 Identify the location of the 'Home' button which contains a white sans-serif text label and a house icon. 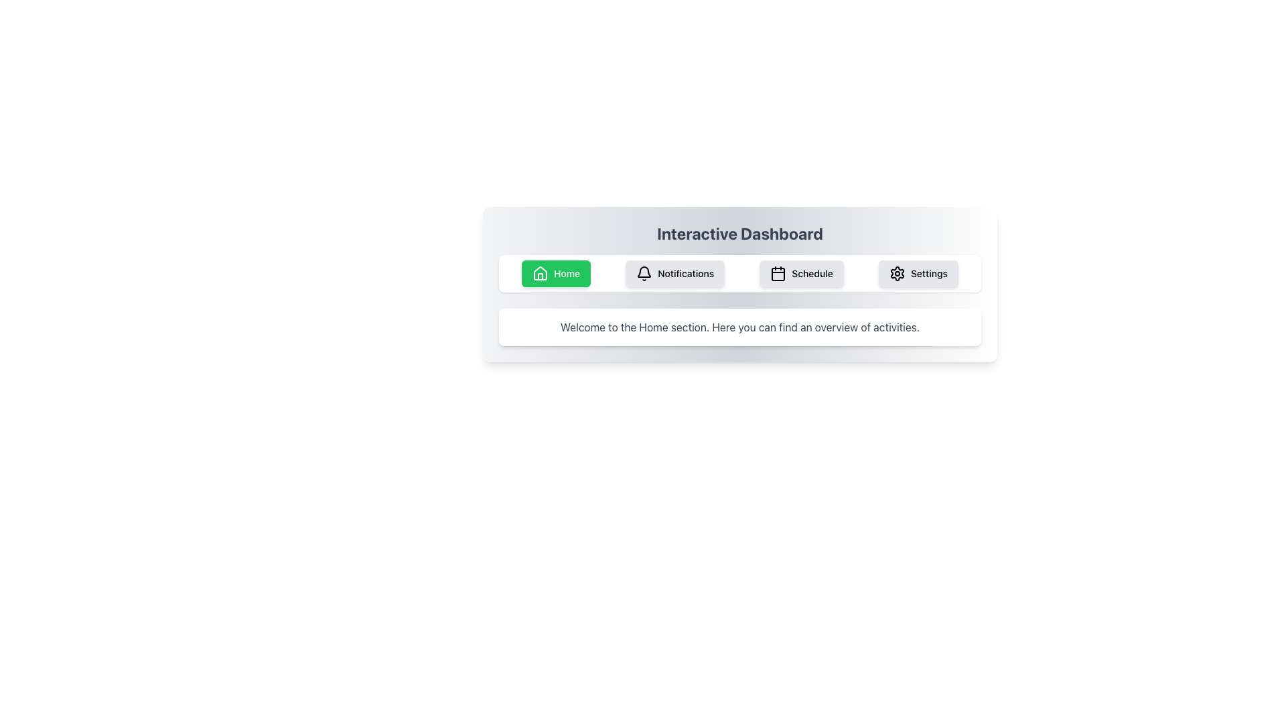
(567, 272).